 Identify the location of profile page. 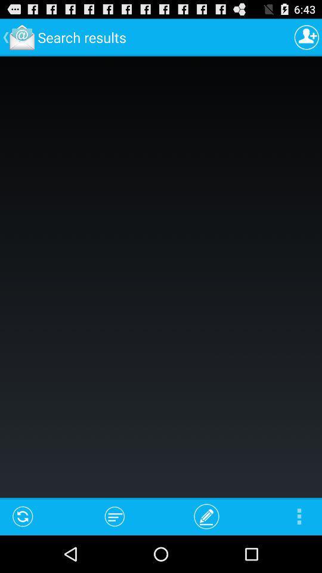
(306, 37).